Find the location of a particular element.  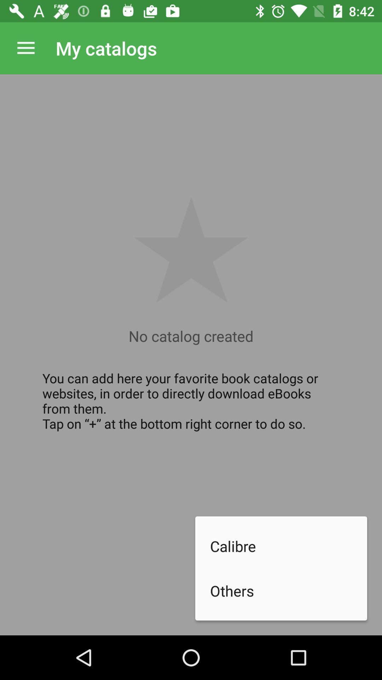

app to the left of my catalogs app is located at coordinates (25, 48).